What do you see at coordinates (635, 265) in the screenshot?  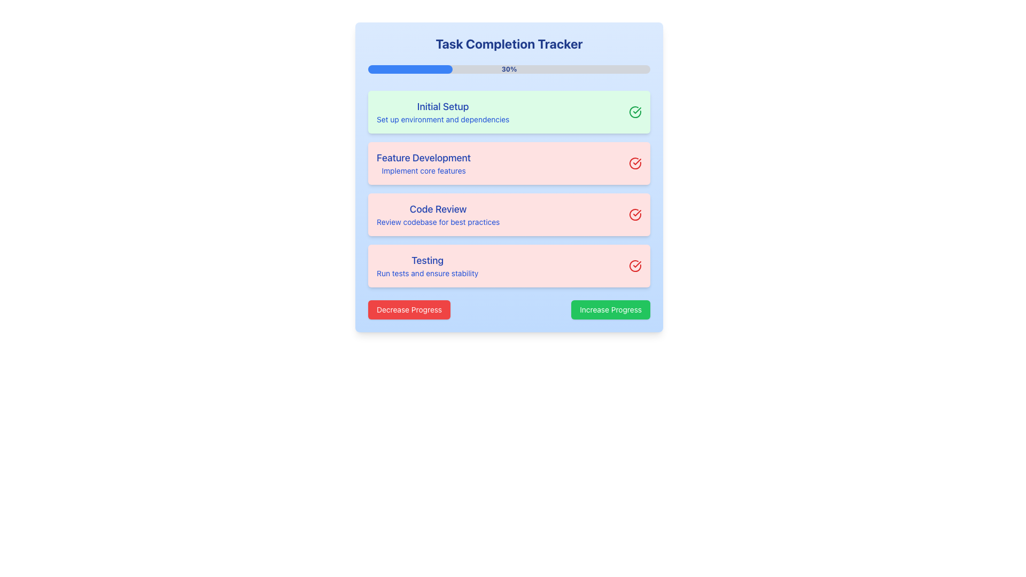 I see `the task completion status by clicking on the completion icon located at the right end of the 'Testing' task card, which indicates the completion of the task 'Run tests and ensure stability.'` at bounding box center [635, 265].